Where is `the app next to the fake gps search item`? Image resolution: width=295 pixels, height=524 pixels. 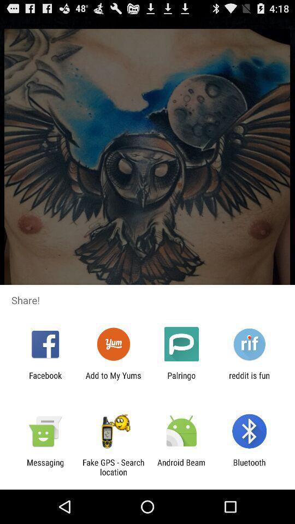
the app next to the fake gps search item is located at coordinates (45, 467).